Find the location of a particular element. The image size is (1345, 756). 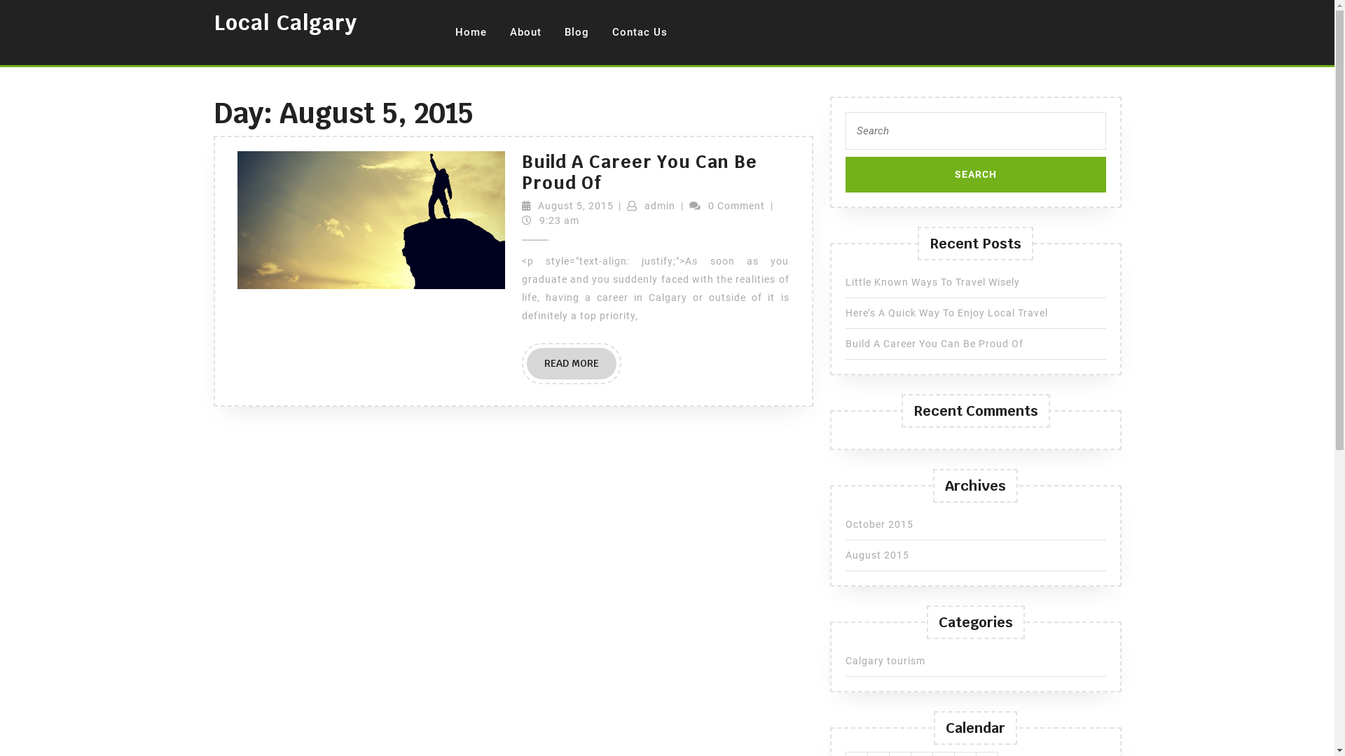

'August 5, 2015 is located at coordinates (575, 205).